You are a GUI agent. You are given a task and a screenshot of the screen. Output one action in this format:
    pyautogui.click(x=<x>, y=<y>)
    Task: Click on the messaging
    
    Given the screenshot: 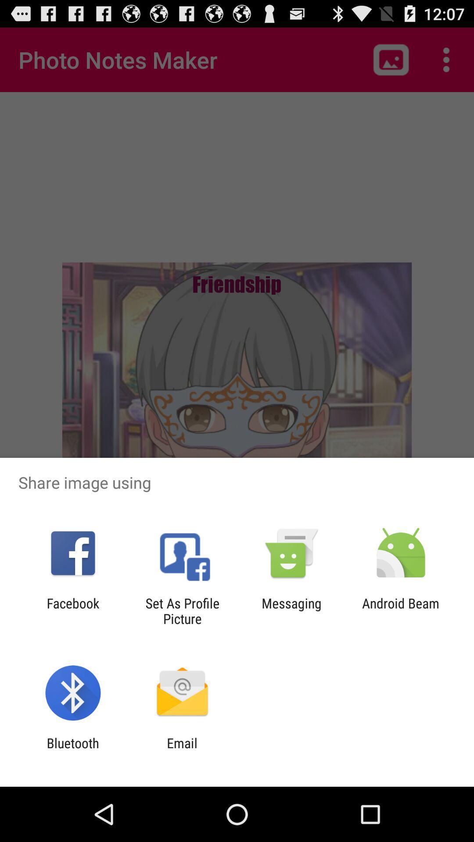 What is the action you would take?
    pyautogui.click(x=291, y=610)
    